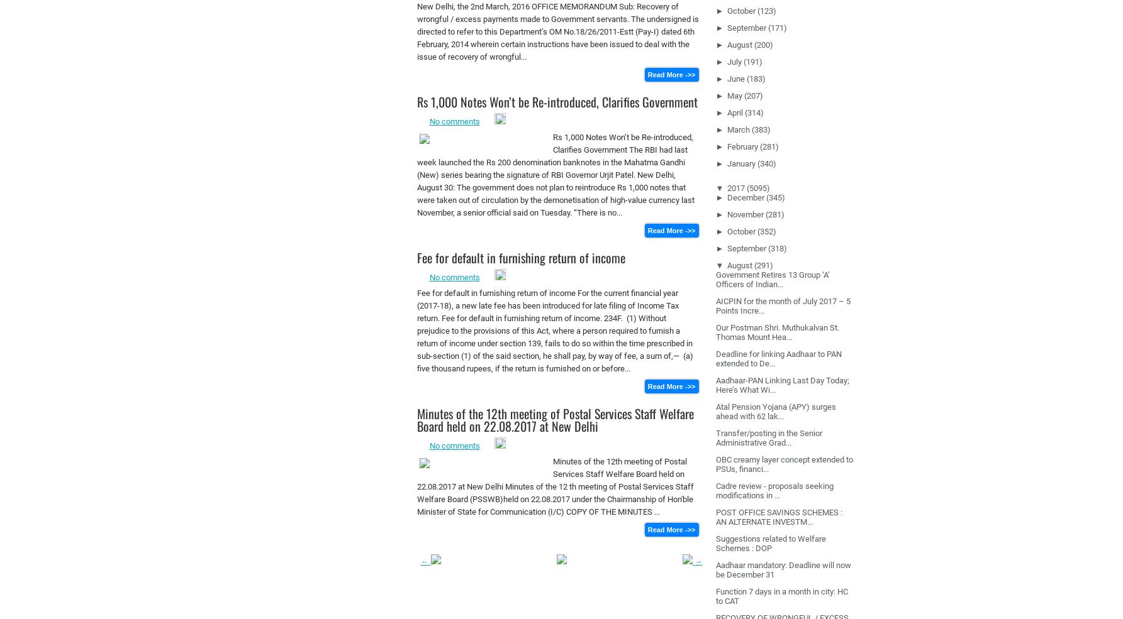  I want to click on 'Minutes of the 12th meeting of Postal Services Staff Welfare Board held on 22.08.2017 at New Delhi', so click(554, 419).